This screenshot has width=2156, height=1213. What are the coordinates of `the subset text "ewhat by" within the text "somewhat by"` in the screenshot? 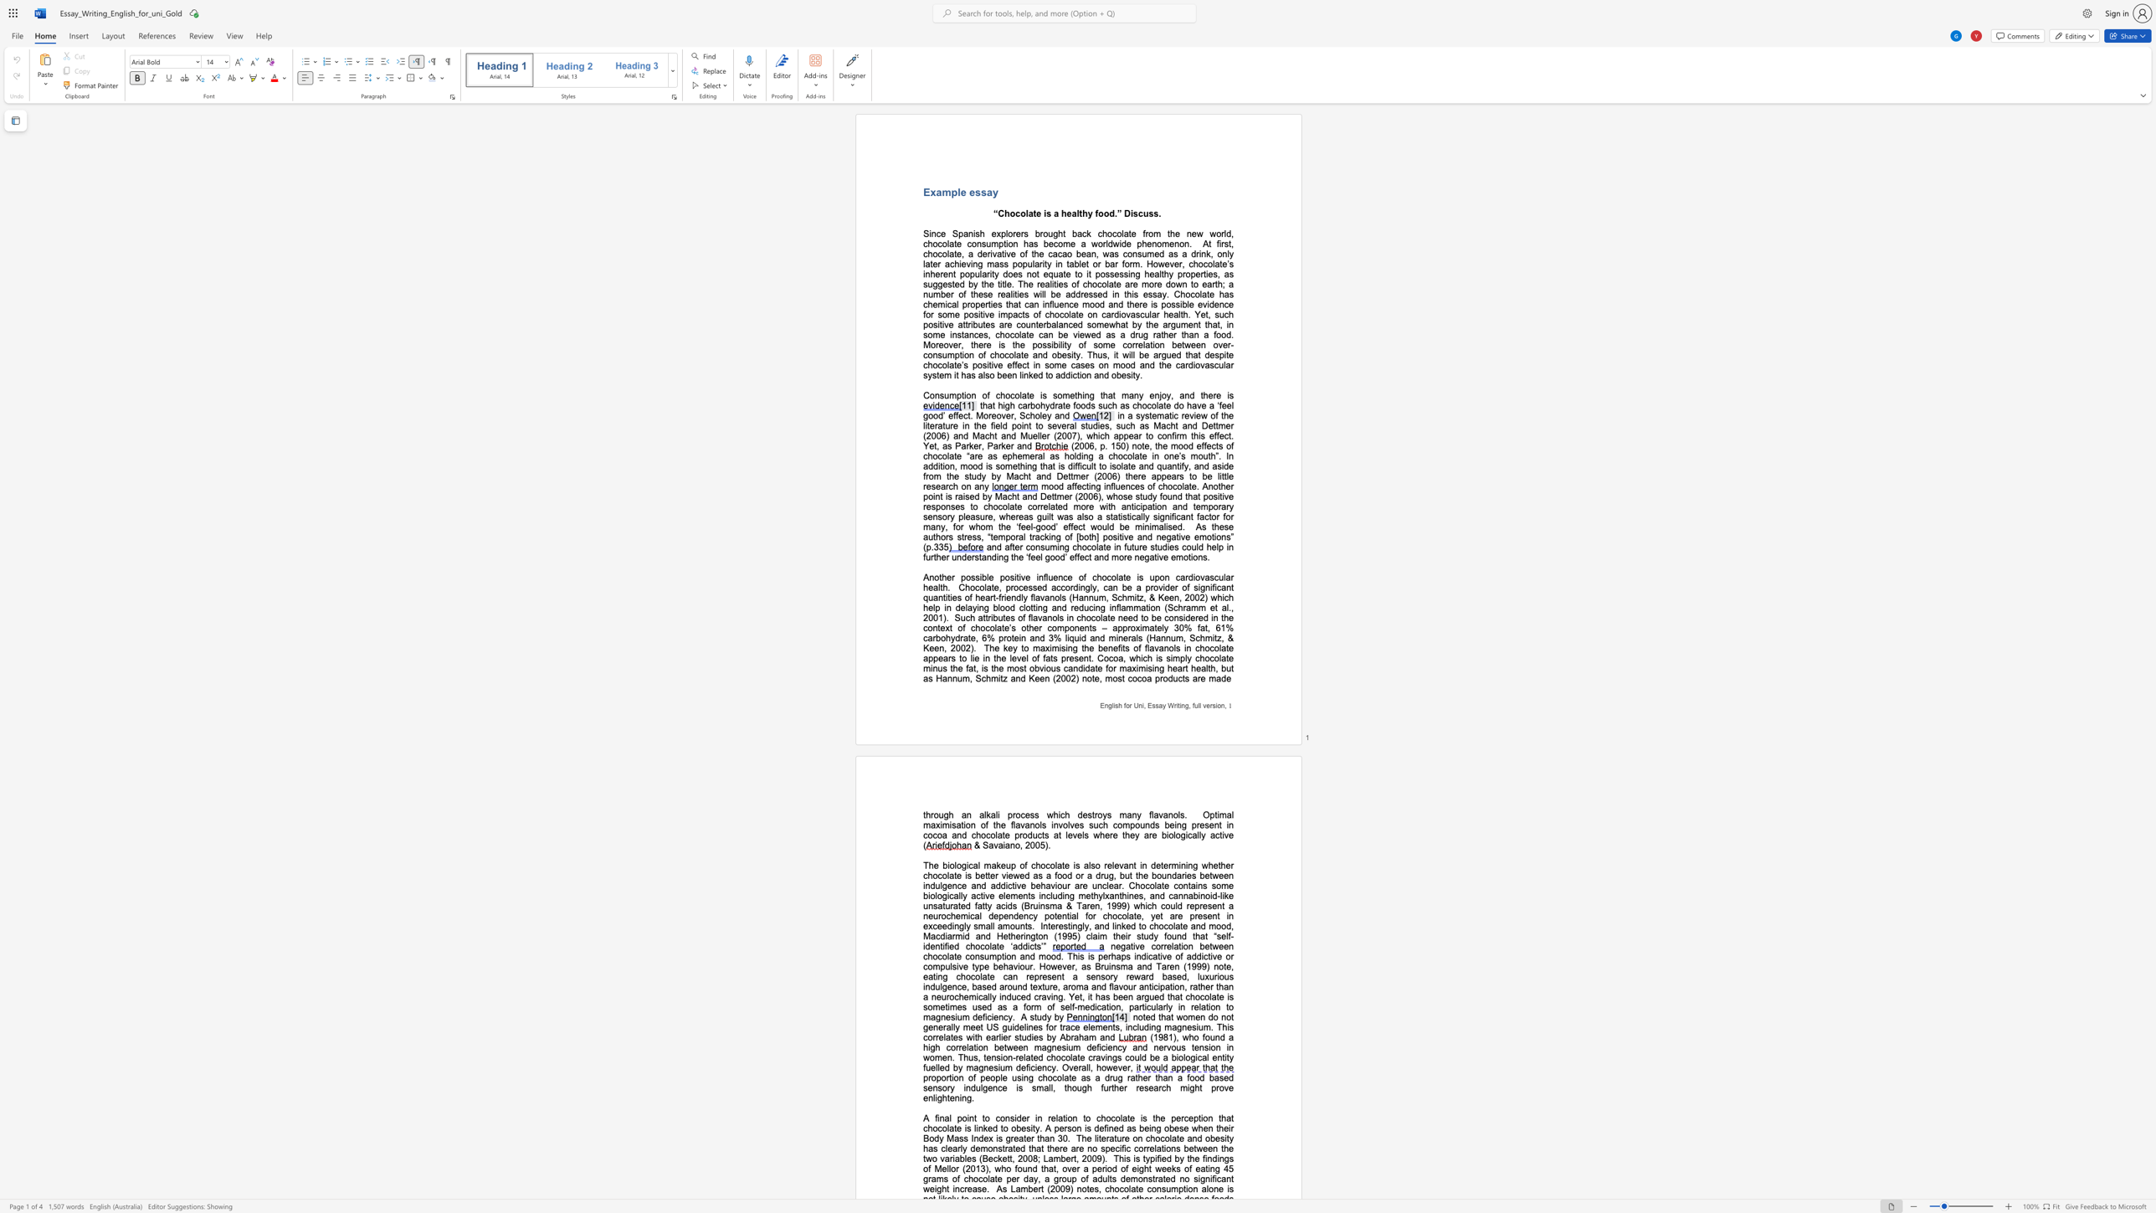 It's located at (1104, 324).